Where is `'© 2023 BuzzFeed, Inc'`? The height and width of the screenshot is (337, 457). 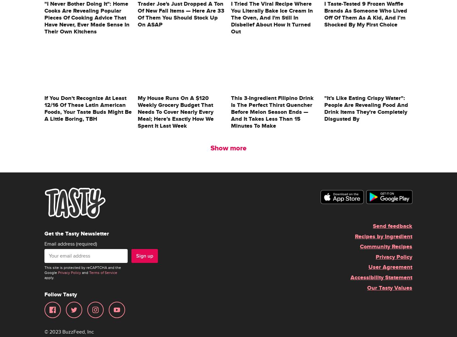 '© 2023 BuzzFeed, Inc' is located at coordinates (69, 332).